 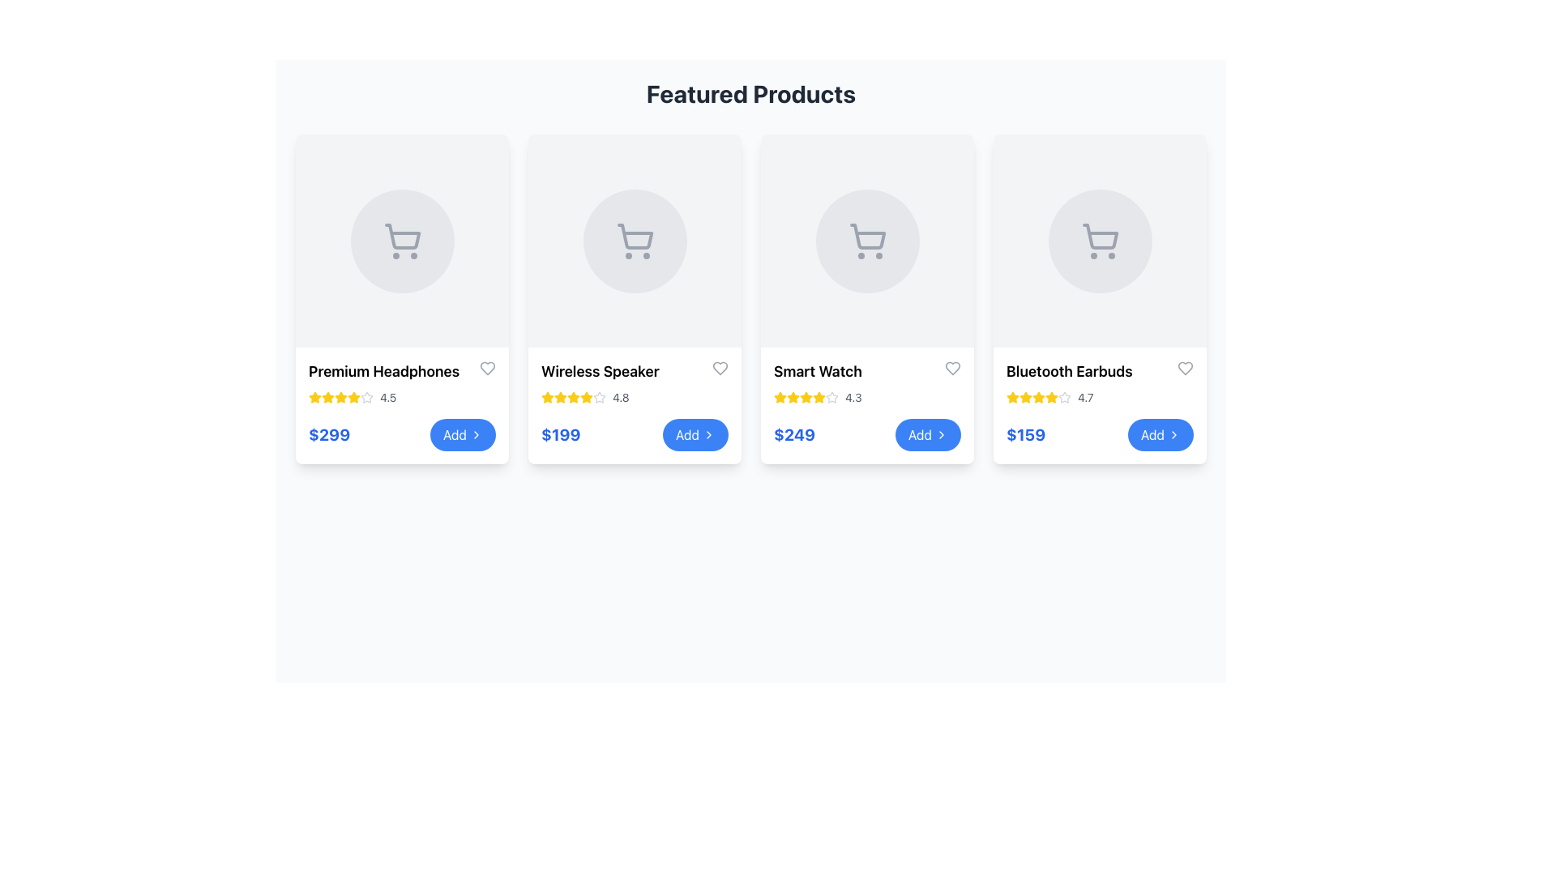 I want to click on the fourth star-shaped icon with a yellow fill and black outline in the rating section of the 'Bluetooth Earbuds' product card to signify a specific star rating, so click(x=1011, y=397).